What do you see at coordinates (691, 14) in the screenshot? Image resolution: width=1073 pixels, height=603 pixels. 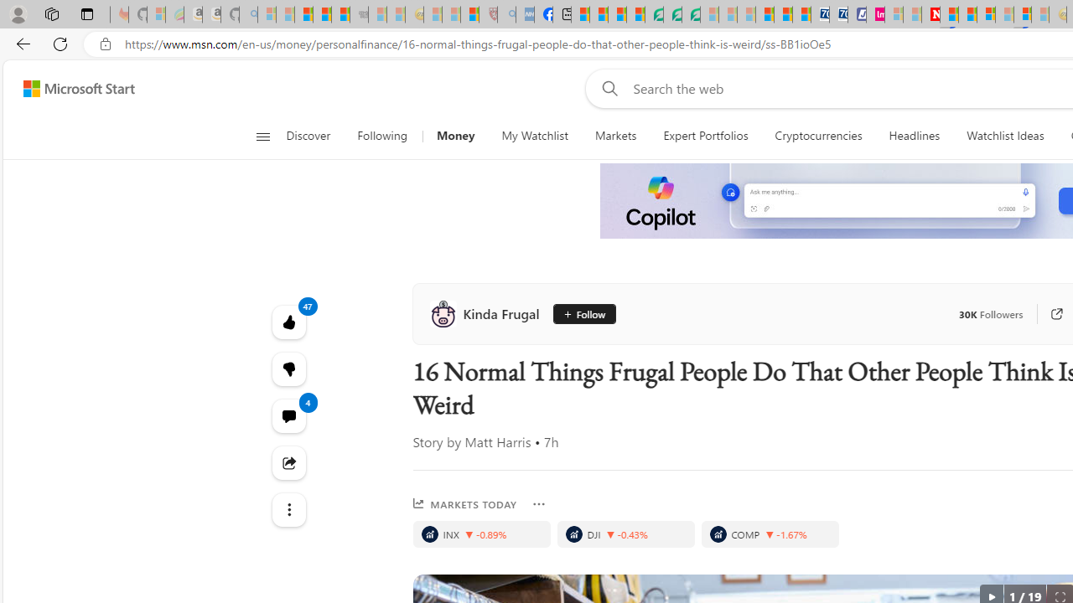 I see `'Microsoft Word - consumer-privacy address update 2.2021'` at bounding box center [691, 14].